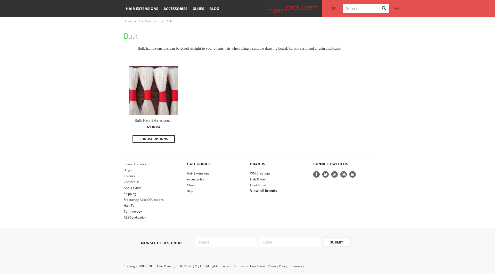 The width and height of the screenshot is (495, 278). Describe the element at coordinates (250, 266) in the screenshot. I see `'Terms and Conditions'` at that location.